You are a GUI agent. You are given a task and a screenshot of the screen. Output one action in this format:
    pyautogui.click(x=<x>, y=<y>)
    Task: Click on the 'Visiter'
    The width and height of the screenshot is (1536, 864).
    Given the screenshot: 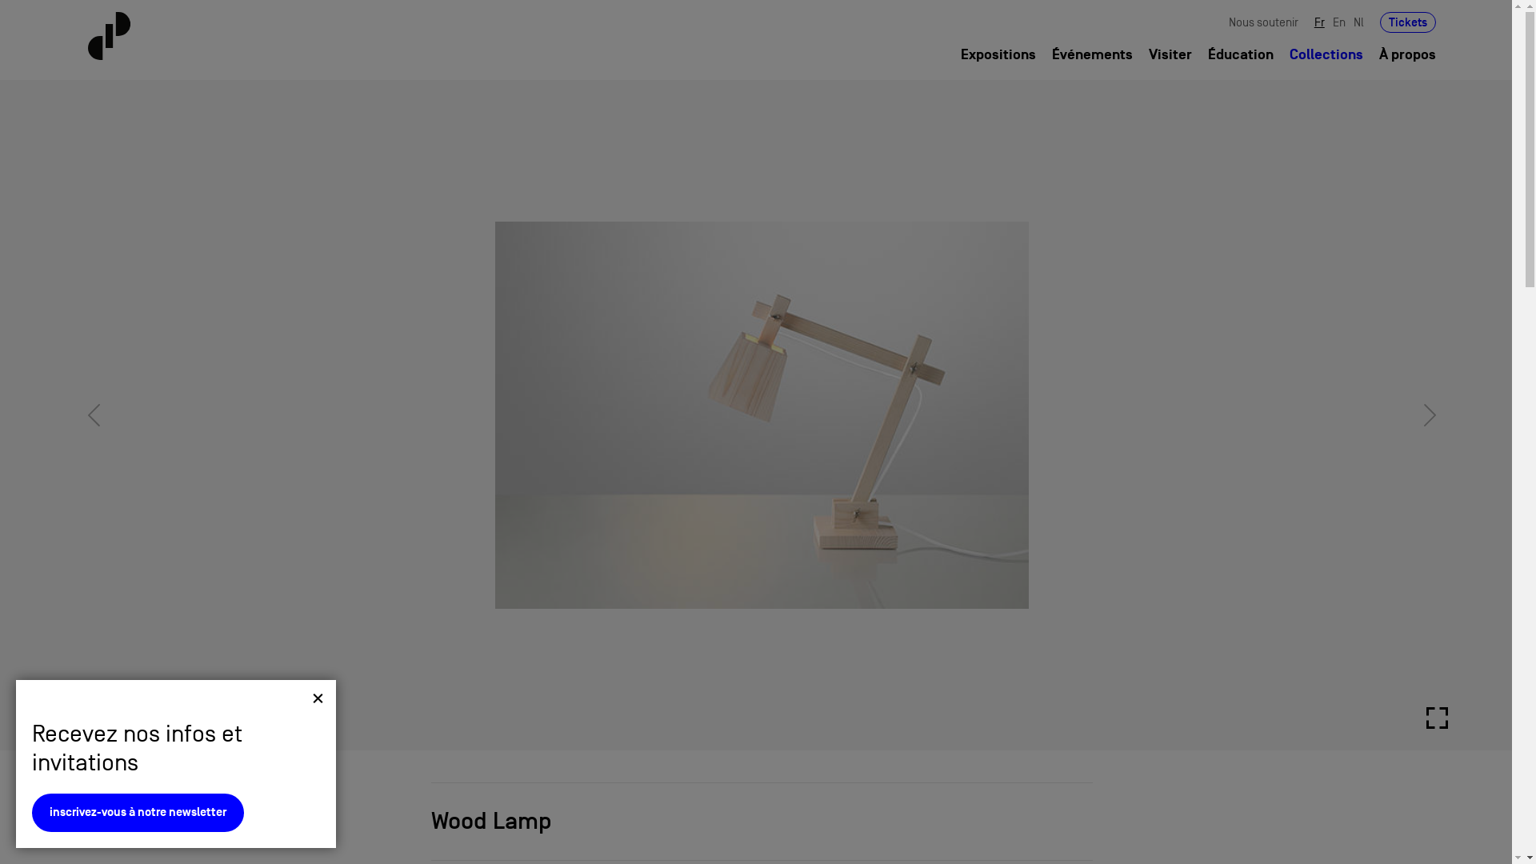 What is the action you would take?
    pyautogui.click(x=1170, y=54)
    